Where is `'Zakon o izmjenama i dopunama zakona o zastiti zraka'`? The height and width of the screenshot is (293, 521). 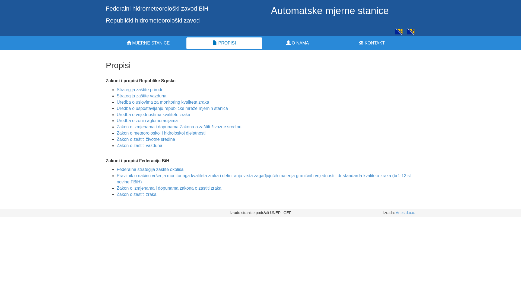
'Zakon o izmjenama i dopunama zakona o zastiti zraka' is located at coordinates (169, 188).